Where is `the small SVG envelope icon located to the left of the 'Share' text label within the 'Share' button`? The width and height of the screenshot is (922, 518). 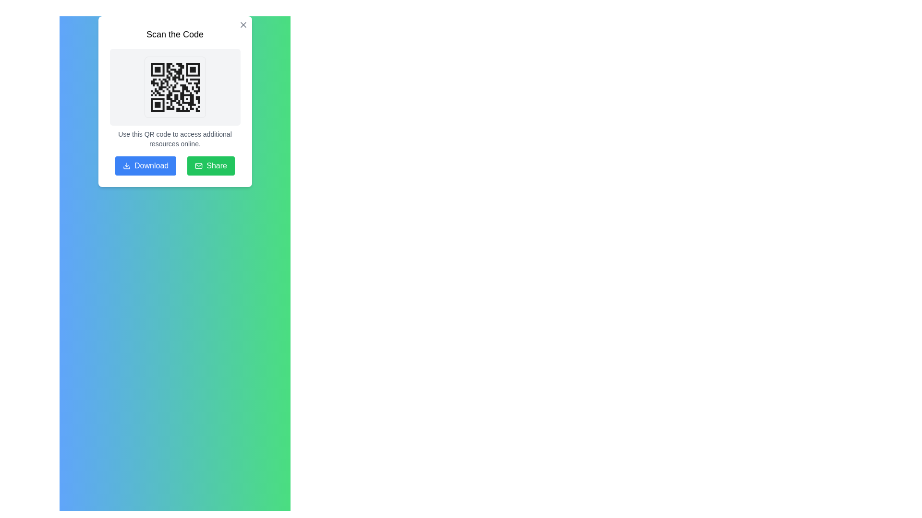
the small SVG envelope icon located to the left of the 'Share' text label within the 'Share' button is located at coordinates (198, 165).